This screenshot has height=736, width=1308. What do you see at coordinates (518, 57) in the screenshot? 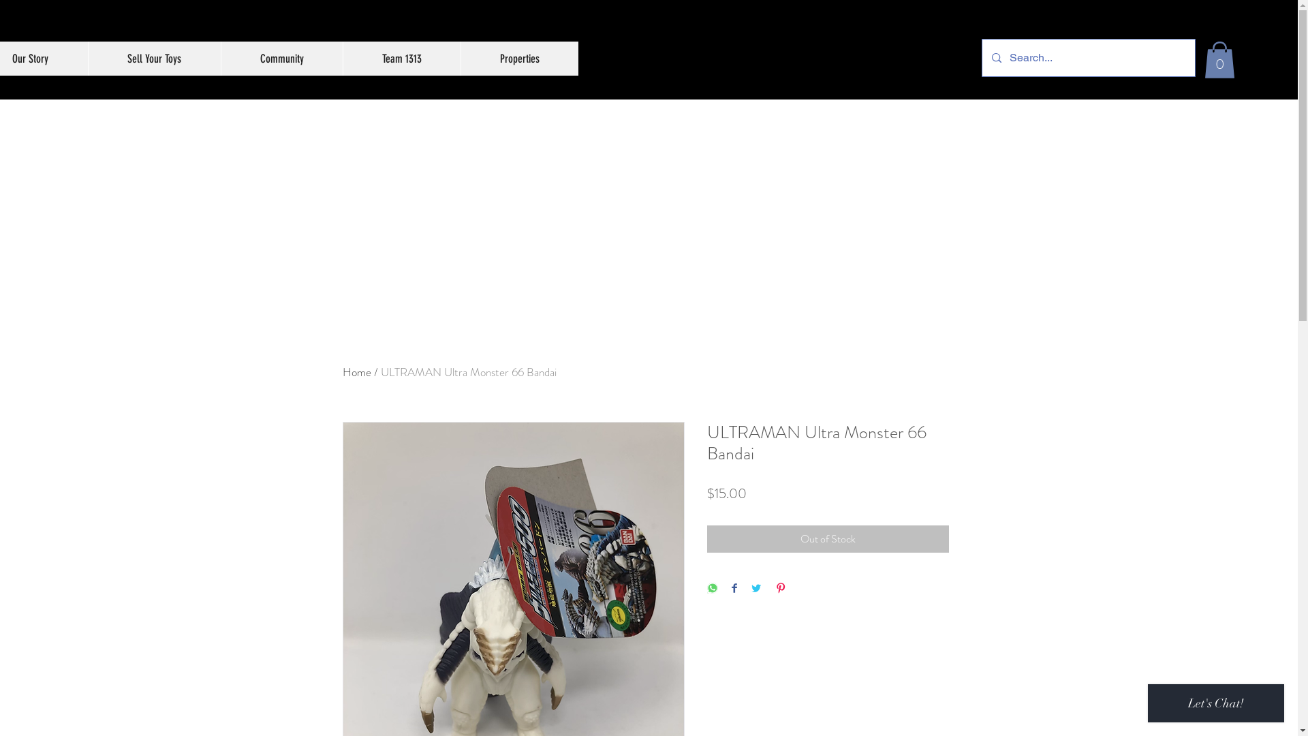
I see `'Properties'` at bounding box center [518, 57].